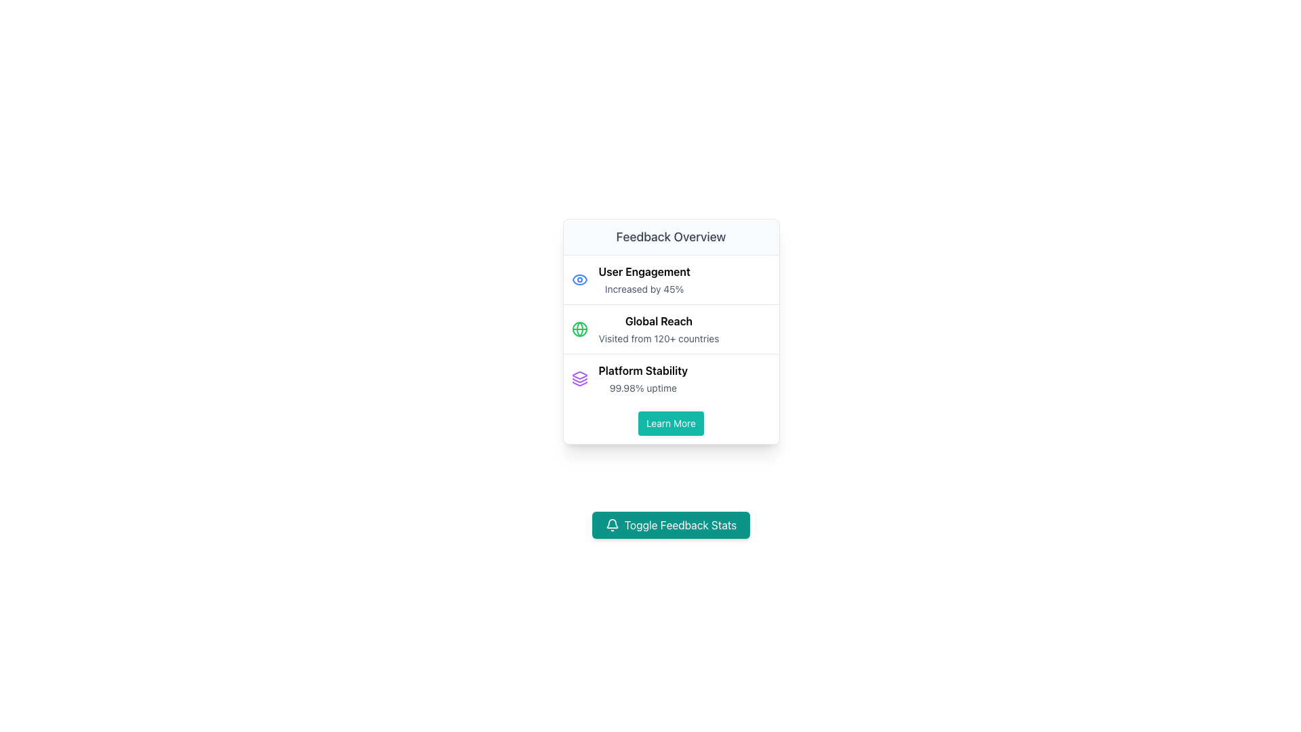 The width and height of the screenshot is (1301, 732). Describe the element at coordinates (644, 279) in the screenshot. I see `the Text block displaying 'User Engagement' and 'Increased by 45%' which is the first item in the vertical list within the 'Feedback Overview' card` at that location.